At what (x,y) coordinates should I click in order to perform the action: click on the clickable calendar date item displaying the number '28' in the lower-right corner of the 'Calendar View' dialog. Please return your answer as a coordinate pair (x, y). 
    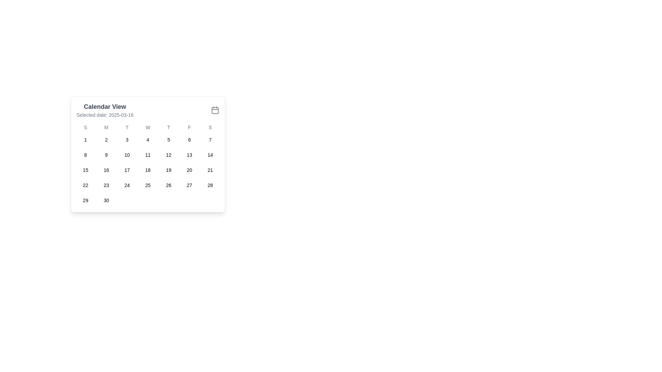
    Looking at the image, I should click on (210, 185).